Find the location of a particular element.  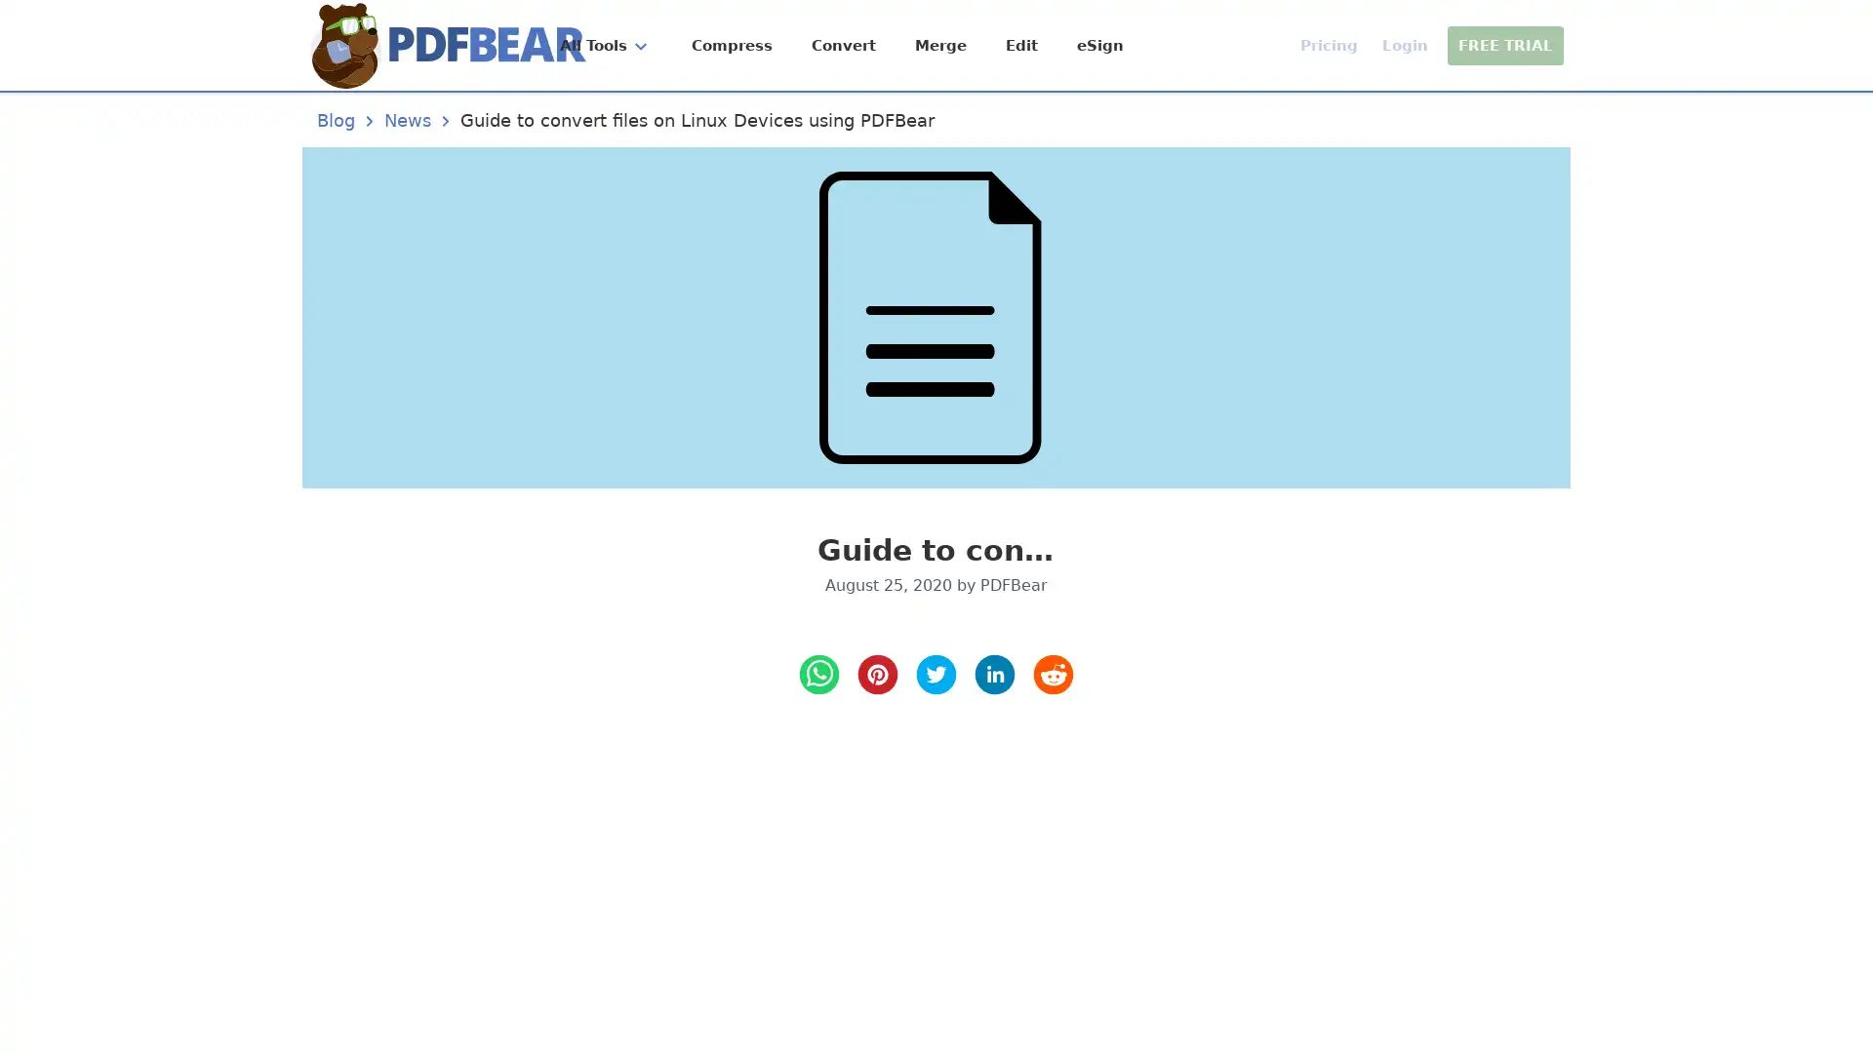

Reddit is located at coordinates (1053, 673).